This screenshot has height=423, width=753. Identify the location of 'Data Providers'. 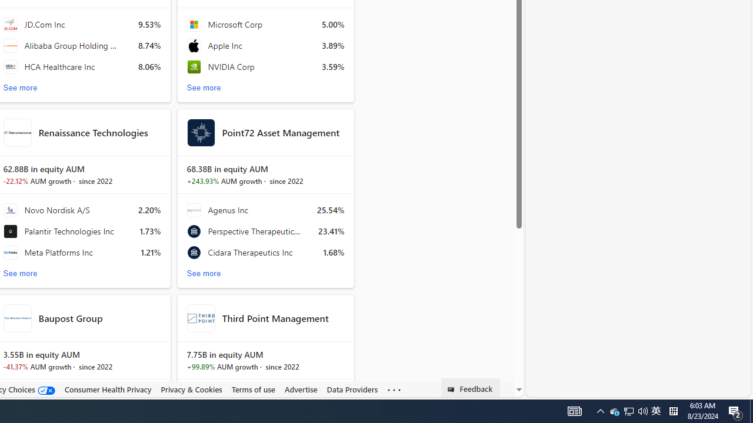
(352, 390).